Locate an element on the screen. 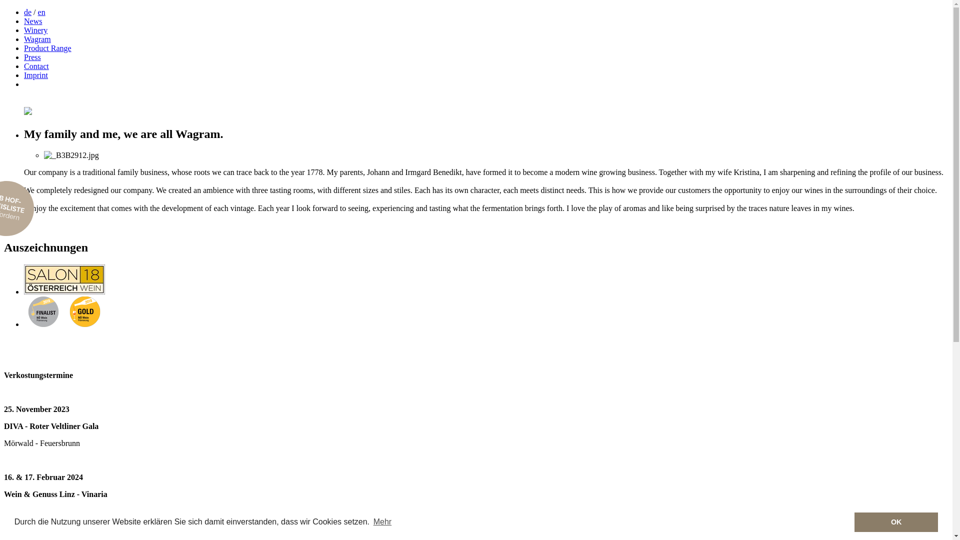  'Imprint' is located at coordinates (24, 74).